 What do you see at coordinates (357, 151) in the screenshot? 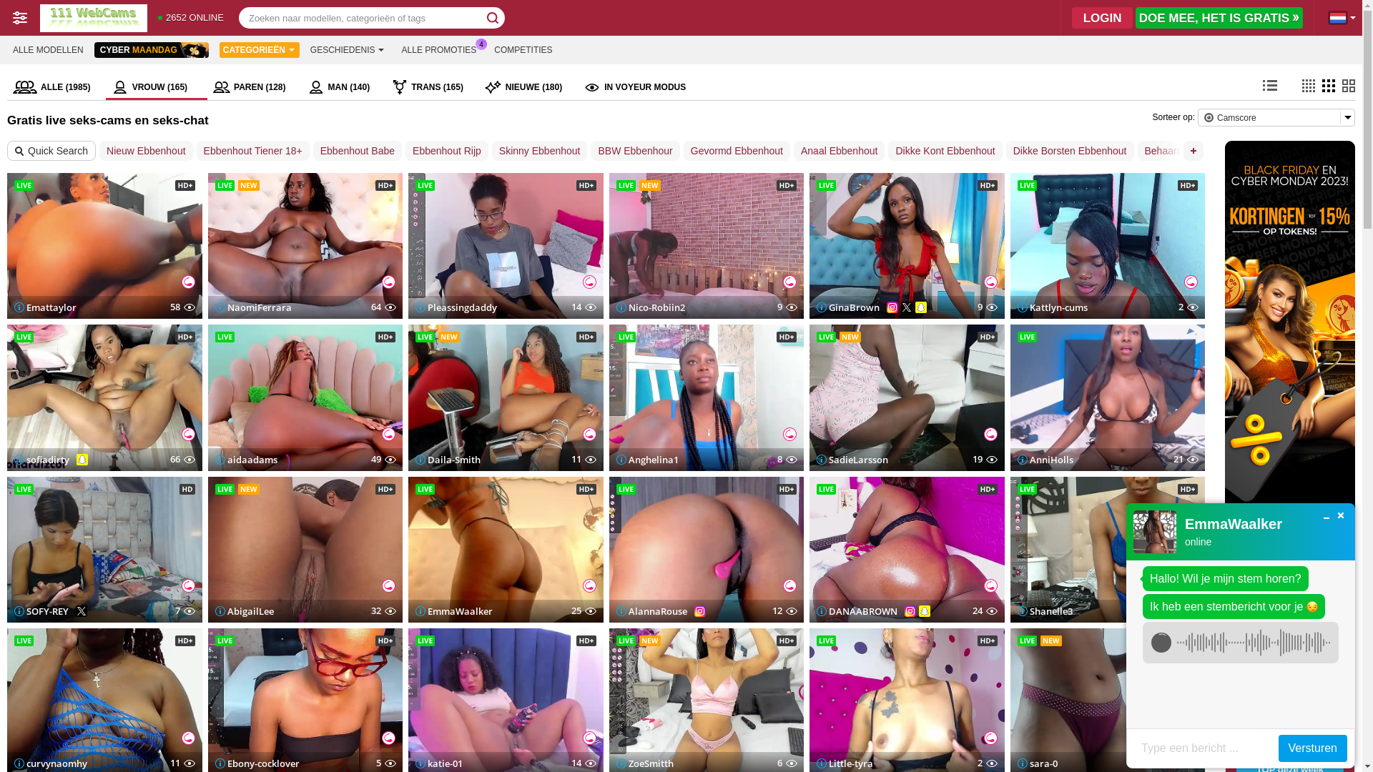
I see `'Ebbenhout Babe'` at bounding box center [357, 151].